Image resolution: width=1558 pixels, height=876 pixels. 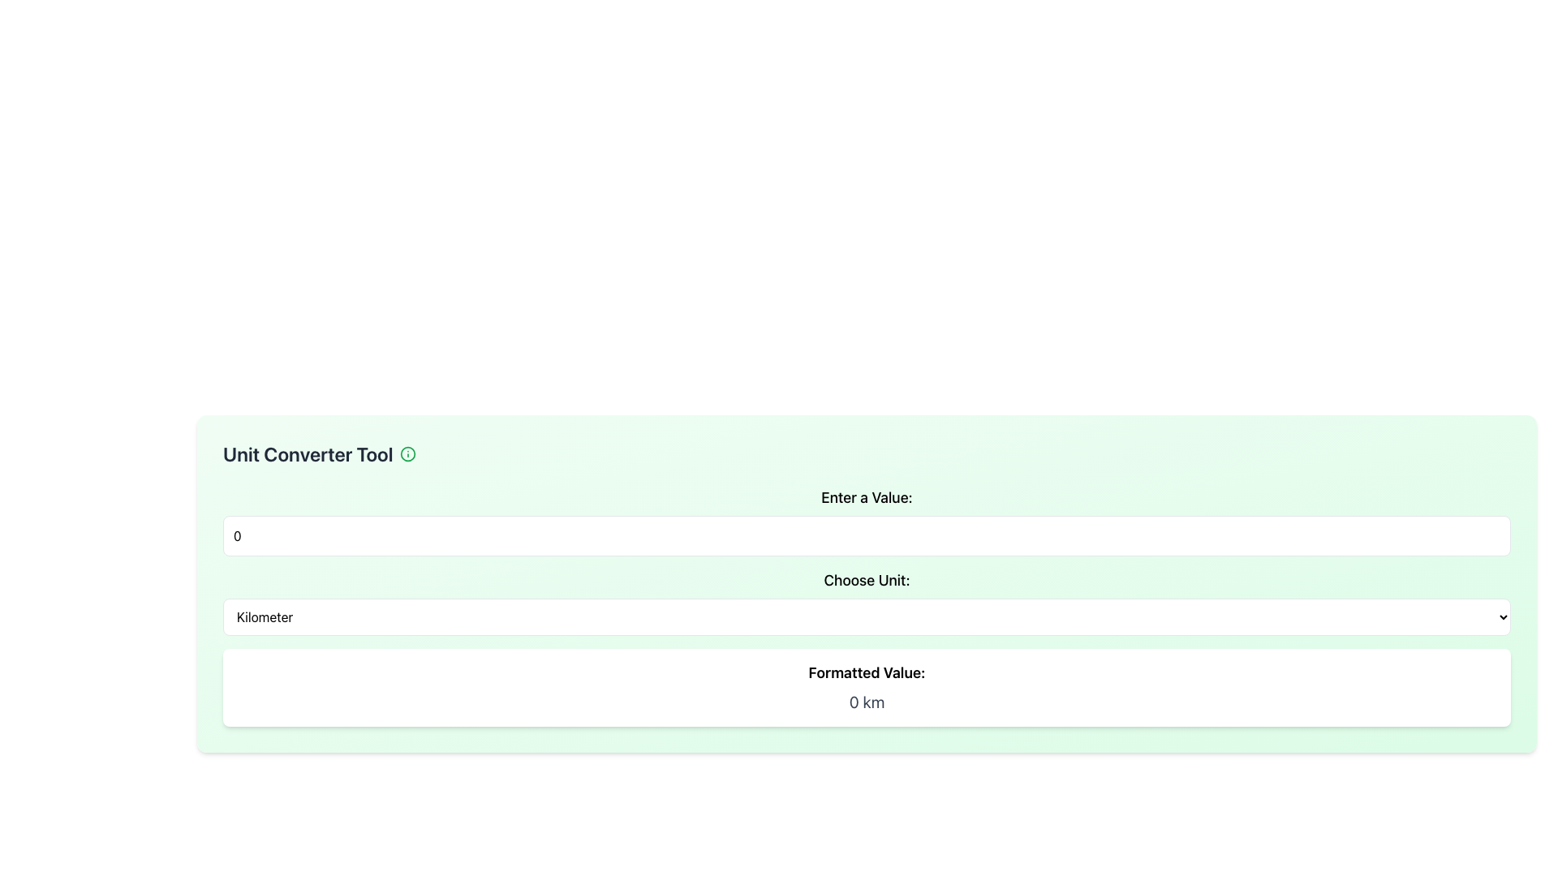 I want to click on the Text Display element that shows the formatted result of a conversion, specifically displaying '0 km', so click(x=866, y=702).